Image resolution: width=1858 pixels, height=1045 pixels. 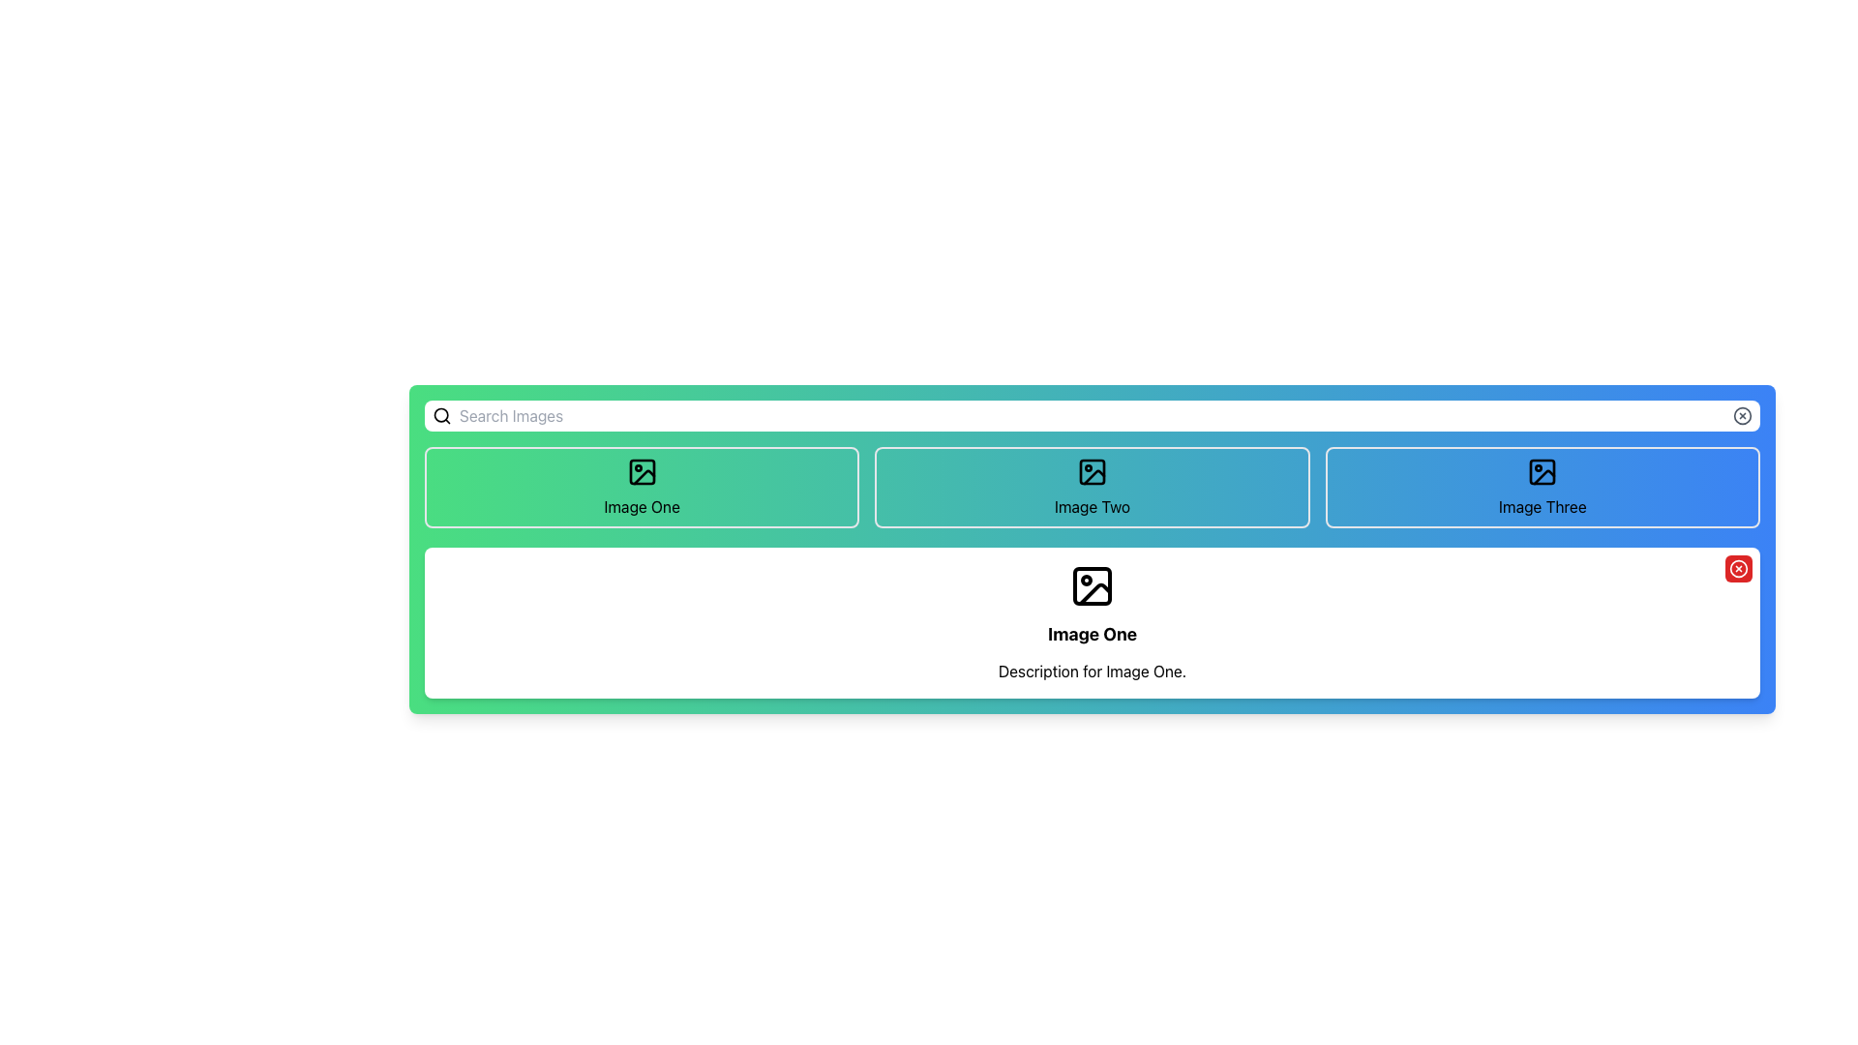 What do you see at coordinates (1092, 472) in the screenshot?
I see `the decorative graphical shape located at the center of the 'Image Two' card in the top section of the interface` at bounding box center [1092, 472].